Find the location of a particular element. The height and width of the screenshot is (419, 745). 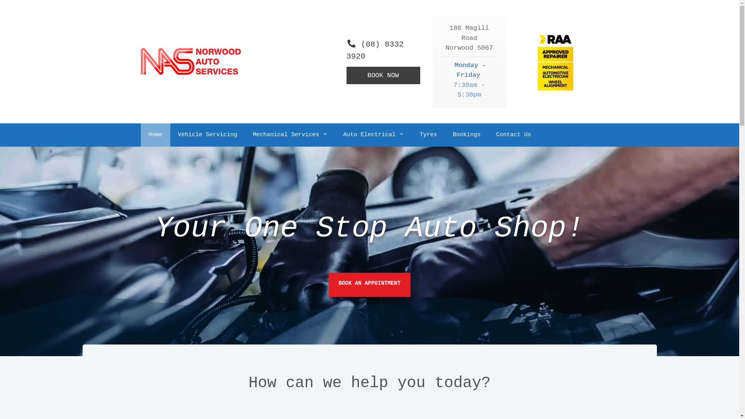

'(08) 8332 3920' is located at coordinates (383, 50).